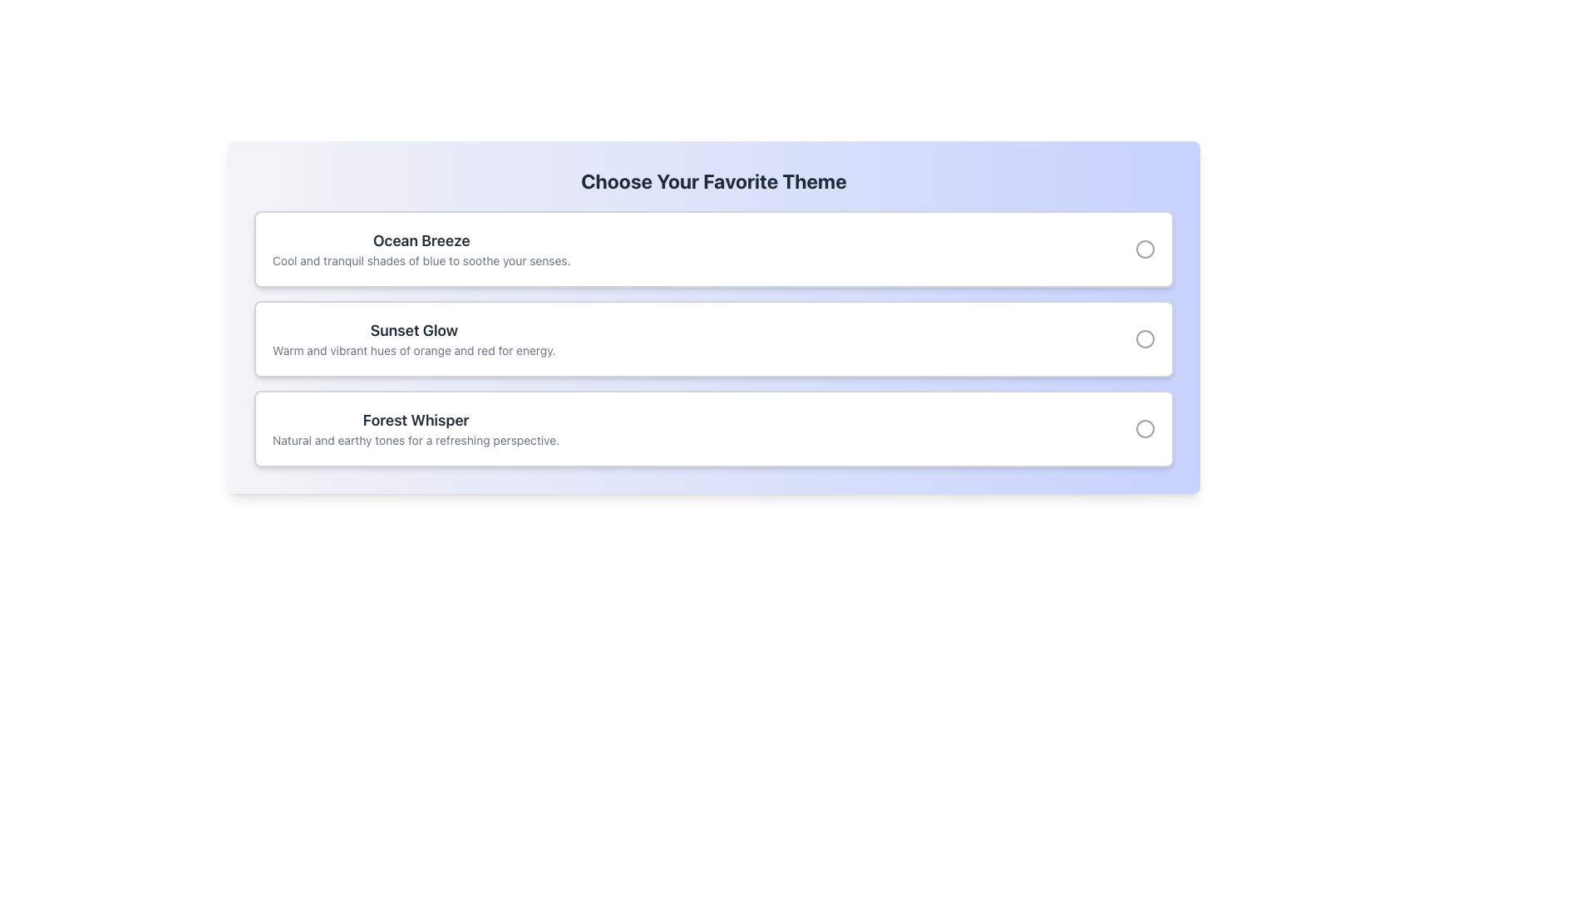 The width and height of the screenshot is (1596, 898). Describe the element at coordinates (414, 349) in the screenshot. I see `the text label providing additional details about the 'Sunset Glow' theme, positioned below the title in the second card of a vertical stack` at that location.